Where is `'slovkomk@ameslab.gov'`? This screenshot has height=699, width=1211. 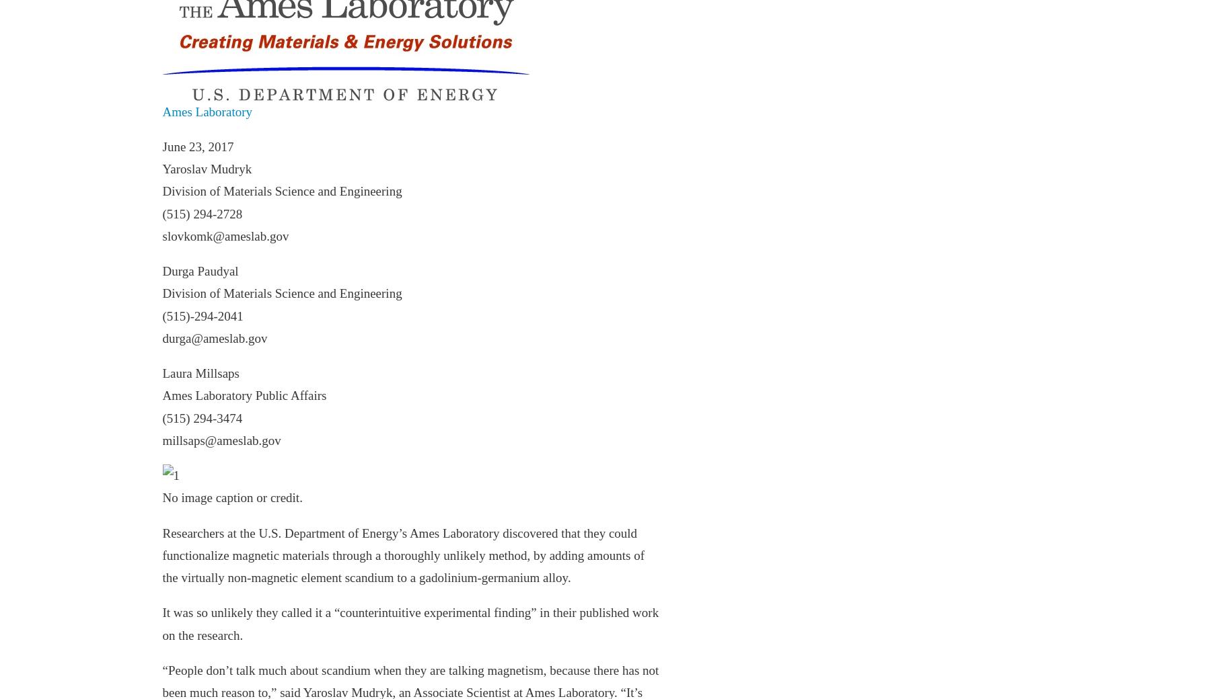 'slovkomk@ameslab.gov' is located at coordinates (224, 235).